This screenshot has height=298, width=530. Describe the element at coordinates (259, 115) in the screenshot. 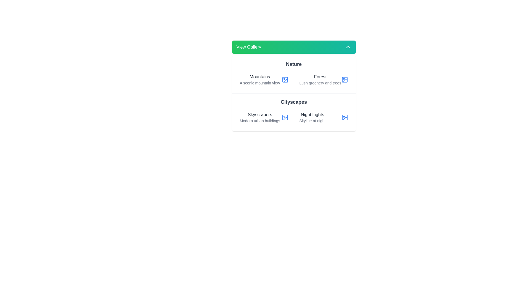

I see `text label displaying 'Skyscrapers' located in the 'Cityscapes' section, aligned to the left of 'Night Lights' and above 'Modern urban buildings'` at that location.